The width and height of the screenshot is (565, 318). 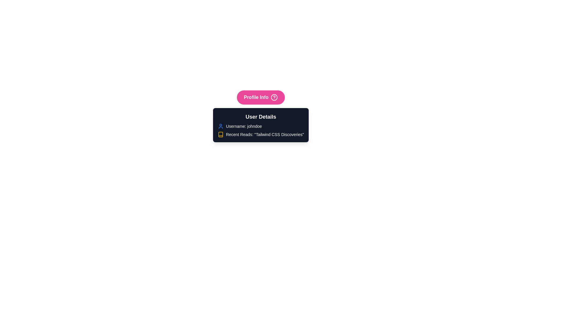 What do you see at coordinates (274, 97) in the screenshot?
I see `the SVG Circle located at the top-right inside the pink button labeled 'Profile Info', which is a circular visual with a thin border and no fill or text` at bounding box center [274, 97].